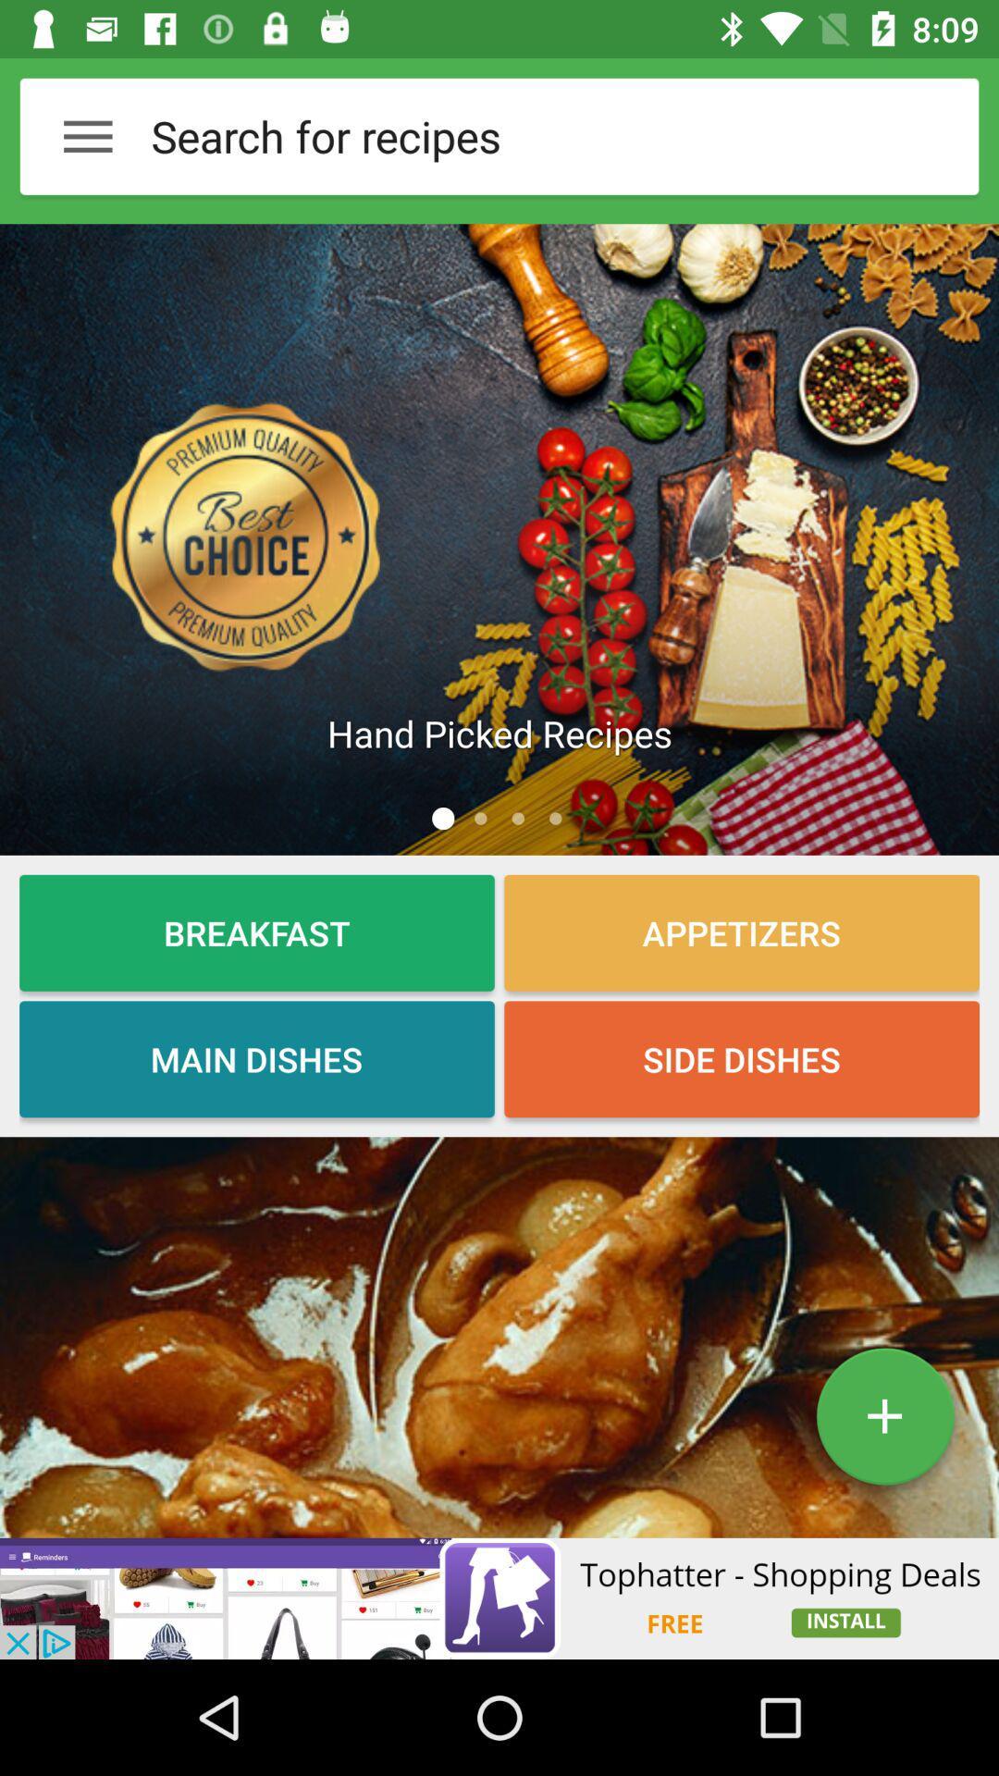 This screenshot has width=999, height=1776. Describe the element at coordinates (883, 1423) in the screenshot. I see `the add icon` at that location.